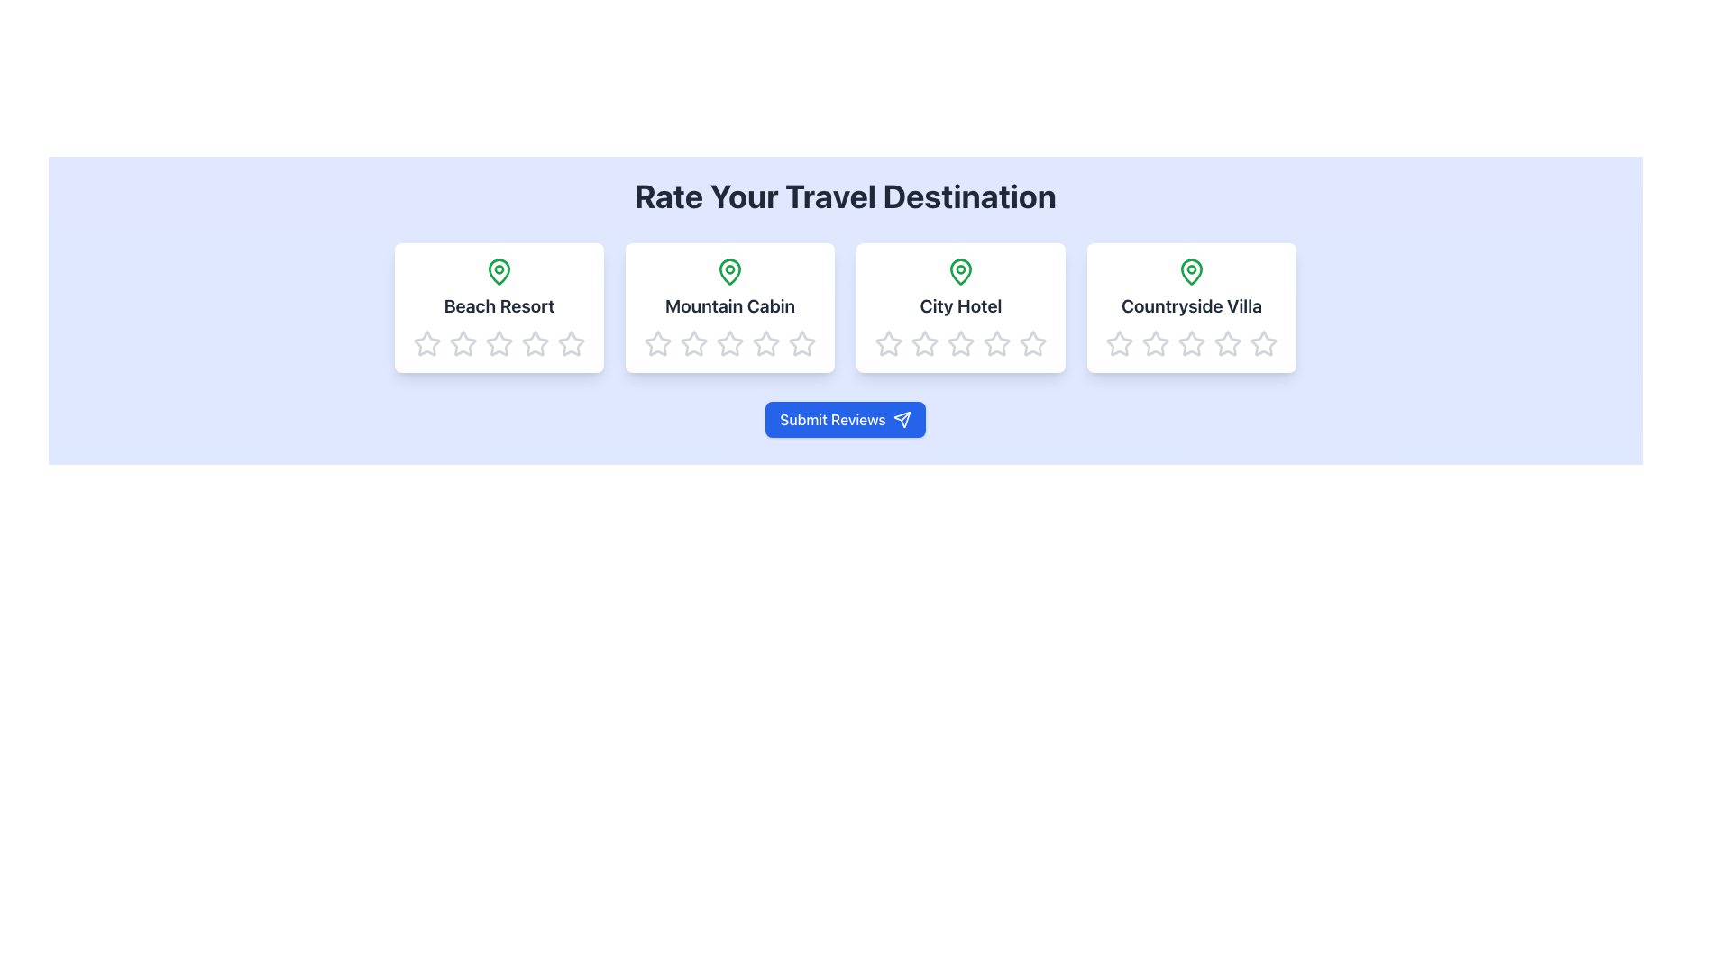  What do you see at coordinates (801, 343) in the screenshot?
I see `the star icon representing 5 stars in the rating section below the 'Mountain Cabin' card` at bounding box center [801, 343].